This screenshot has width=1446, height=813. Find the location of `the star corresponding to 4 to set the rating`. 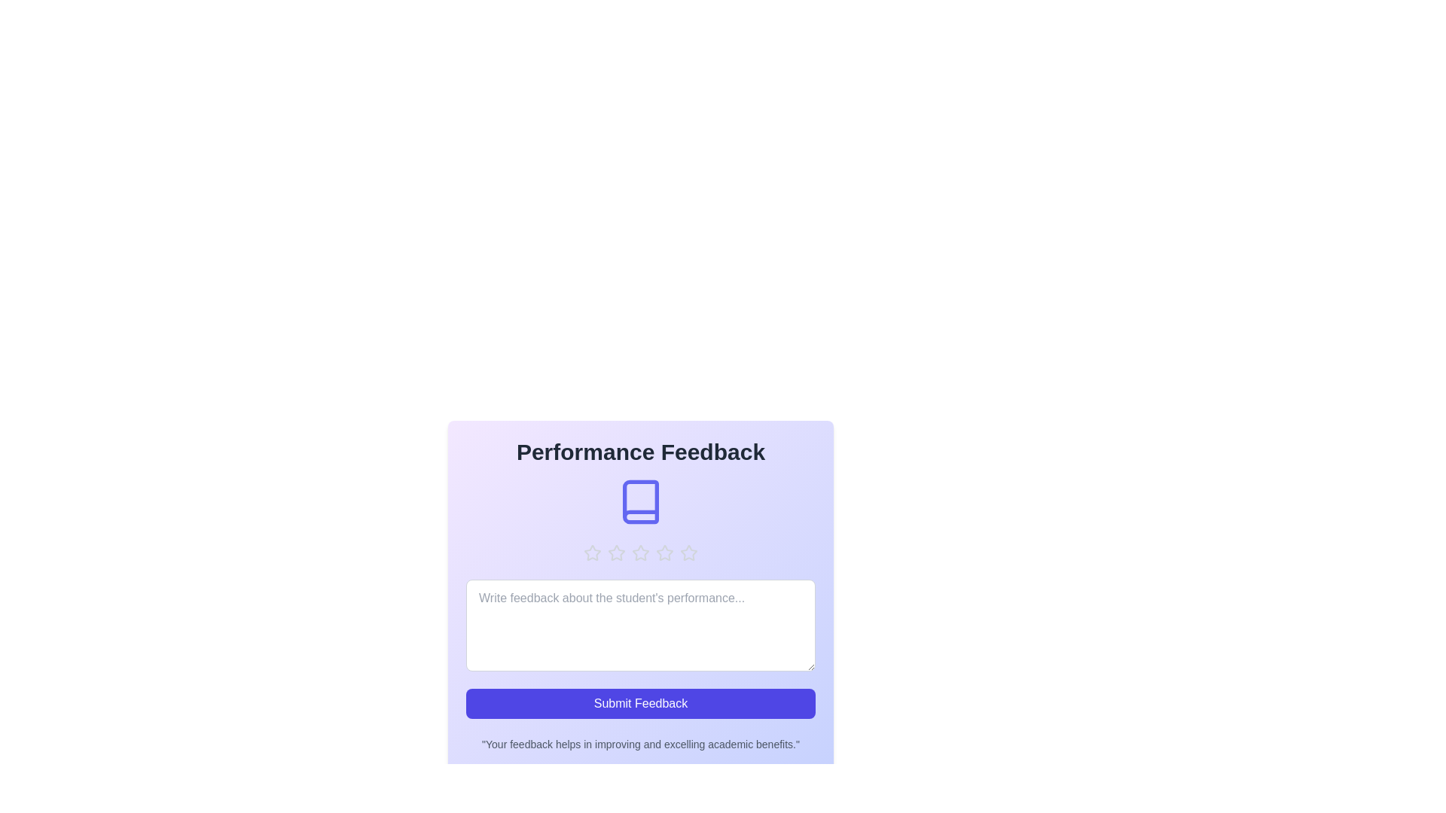

the star corresponding to 4 to set the rating is located at coordinates (664, 553).